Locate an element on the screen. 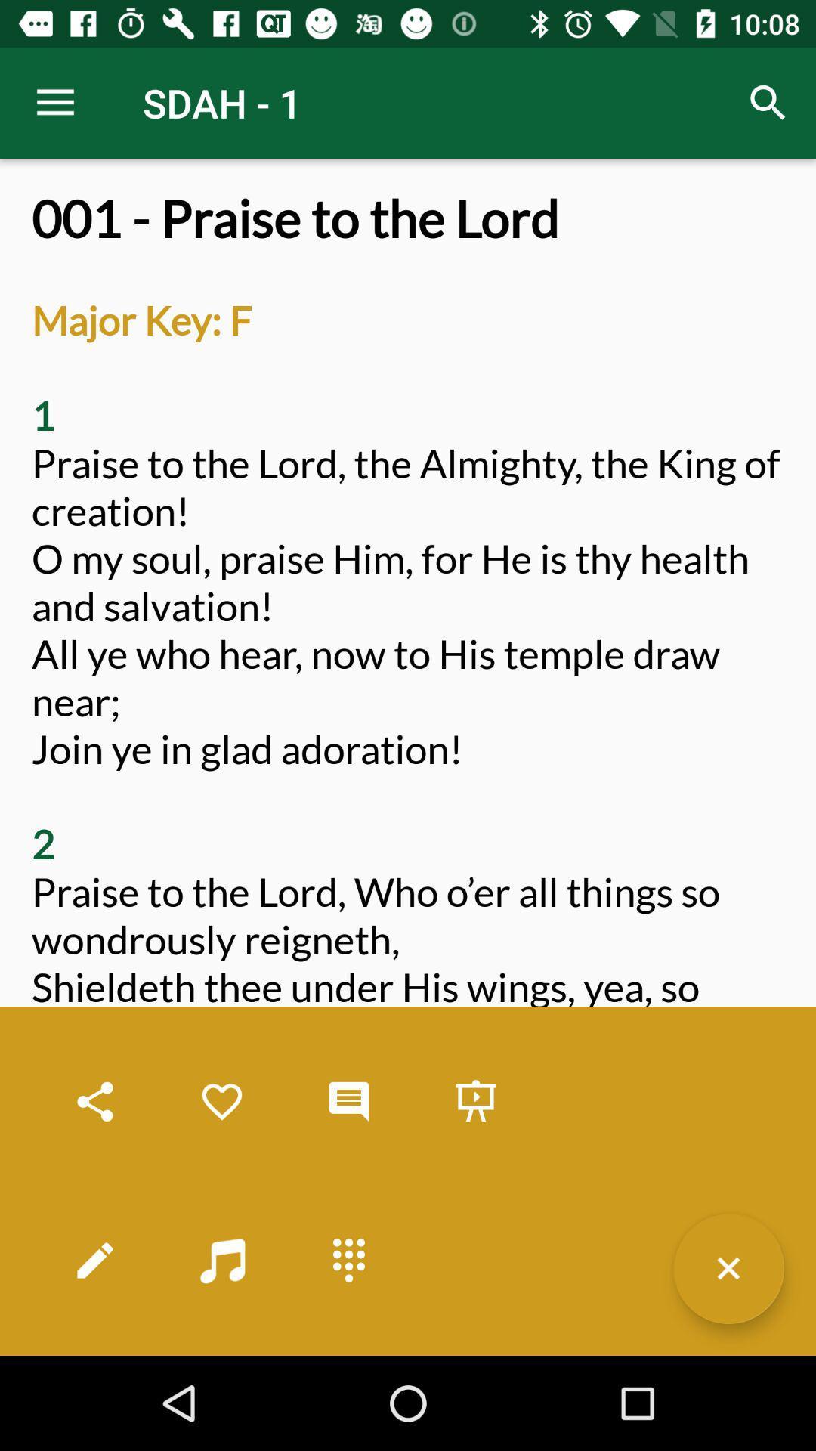 This screenshot has width=816, height=1451. the dialpad icon is located at coordinates (349, 1260).